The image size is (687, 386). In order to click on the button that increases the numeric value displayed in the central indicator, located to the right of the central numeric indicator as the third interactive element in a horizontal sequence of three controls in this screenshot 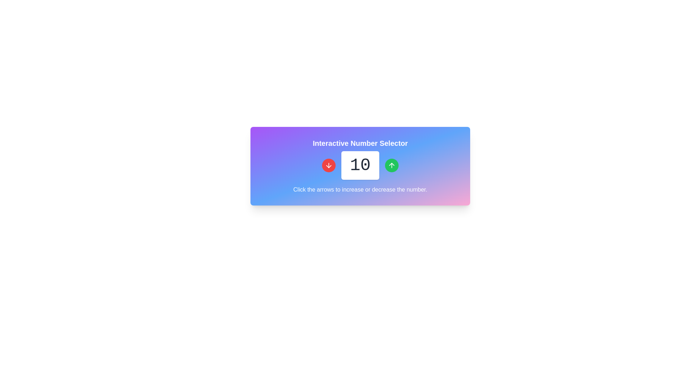, I will do `click(391, 165)`.